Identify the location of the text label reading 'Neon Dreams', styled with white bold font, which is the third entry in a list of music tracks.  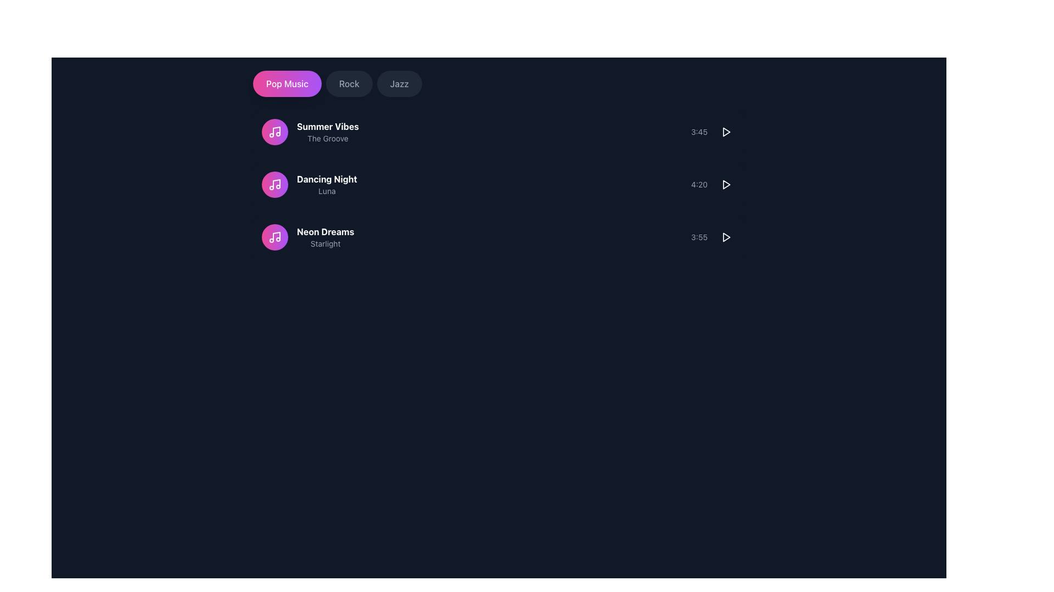
(325, 231).